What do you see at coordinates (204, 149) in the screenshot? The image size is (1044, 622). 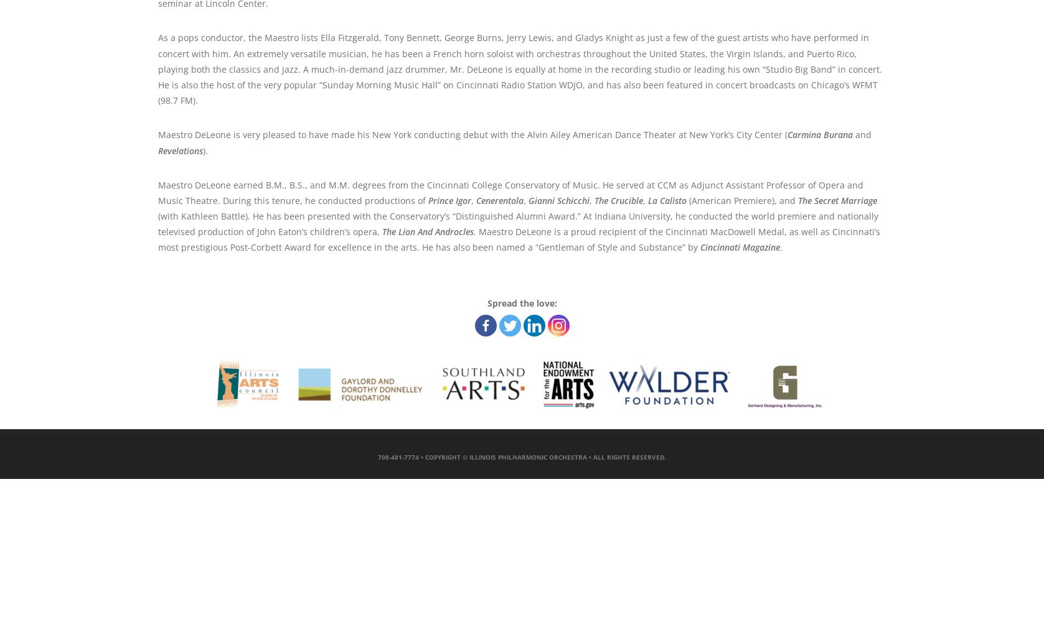 I see `').'` at bounding box center [204, 149].